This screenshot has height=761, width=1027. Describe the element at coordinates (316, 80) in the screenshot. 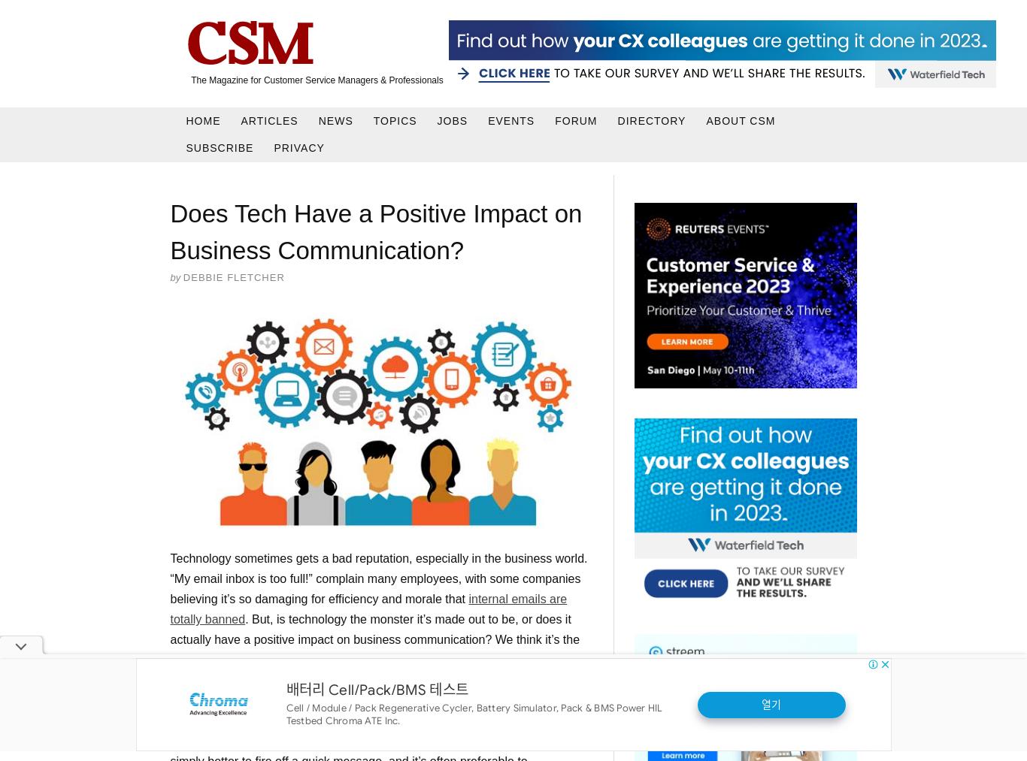

I see `'The Magazine for Customer Service Managers & Professionals'` at that location.